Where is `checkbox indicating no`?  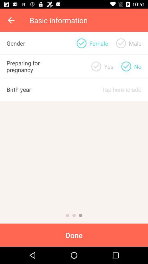
checkbox indicating no is located at coordinates (126, 66).